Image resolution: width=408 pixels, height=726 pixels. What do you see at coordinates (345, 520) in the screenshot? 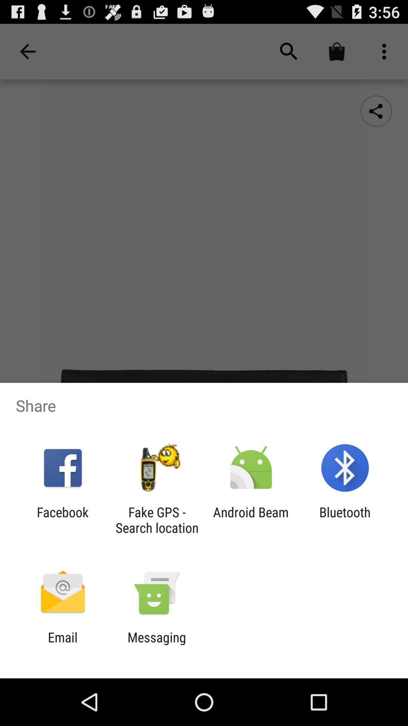
I see `the app next to the android beam app` at bounding box center [345, 520].